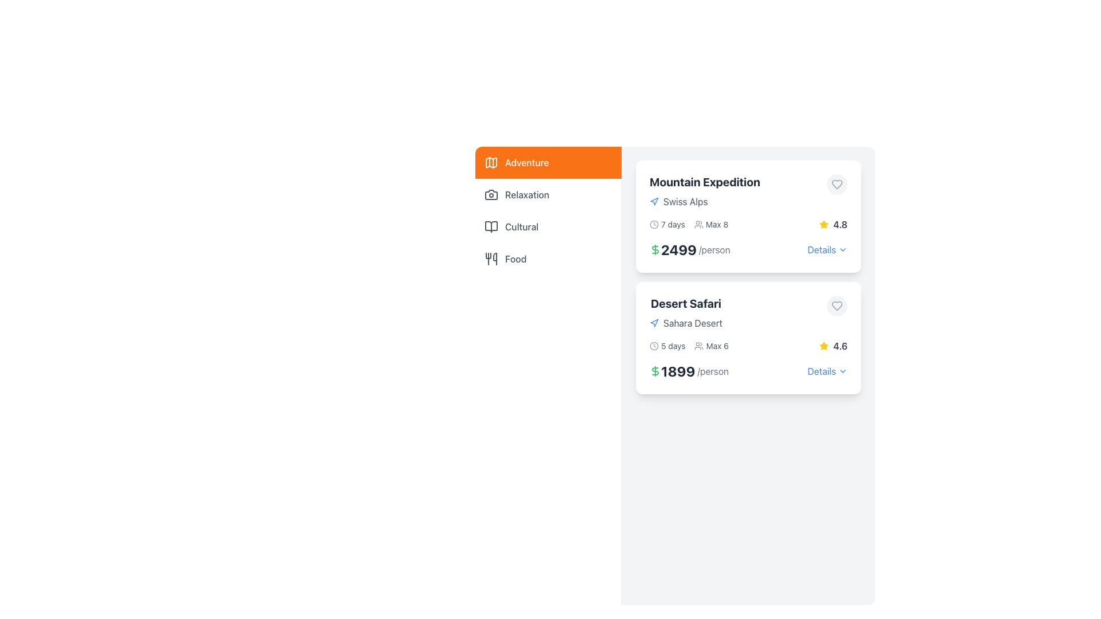 The height and width of the screenshot is (619, 1101). What do you see at coordinates (821, 249) in the screenshot?
I see `the interactive link or button located` at bounding box center [821, 249].